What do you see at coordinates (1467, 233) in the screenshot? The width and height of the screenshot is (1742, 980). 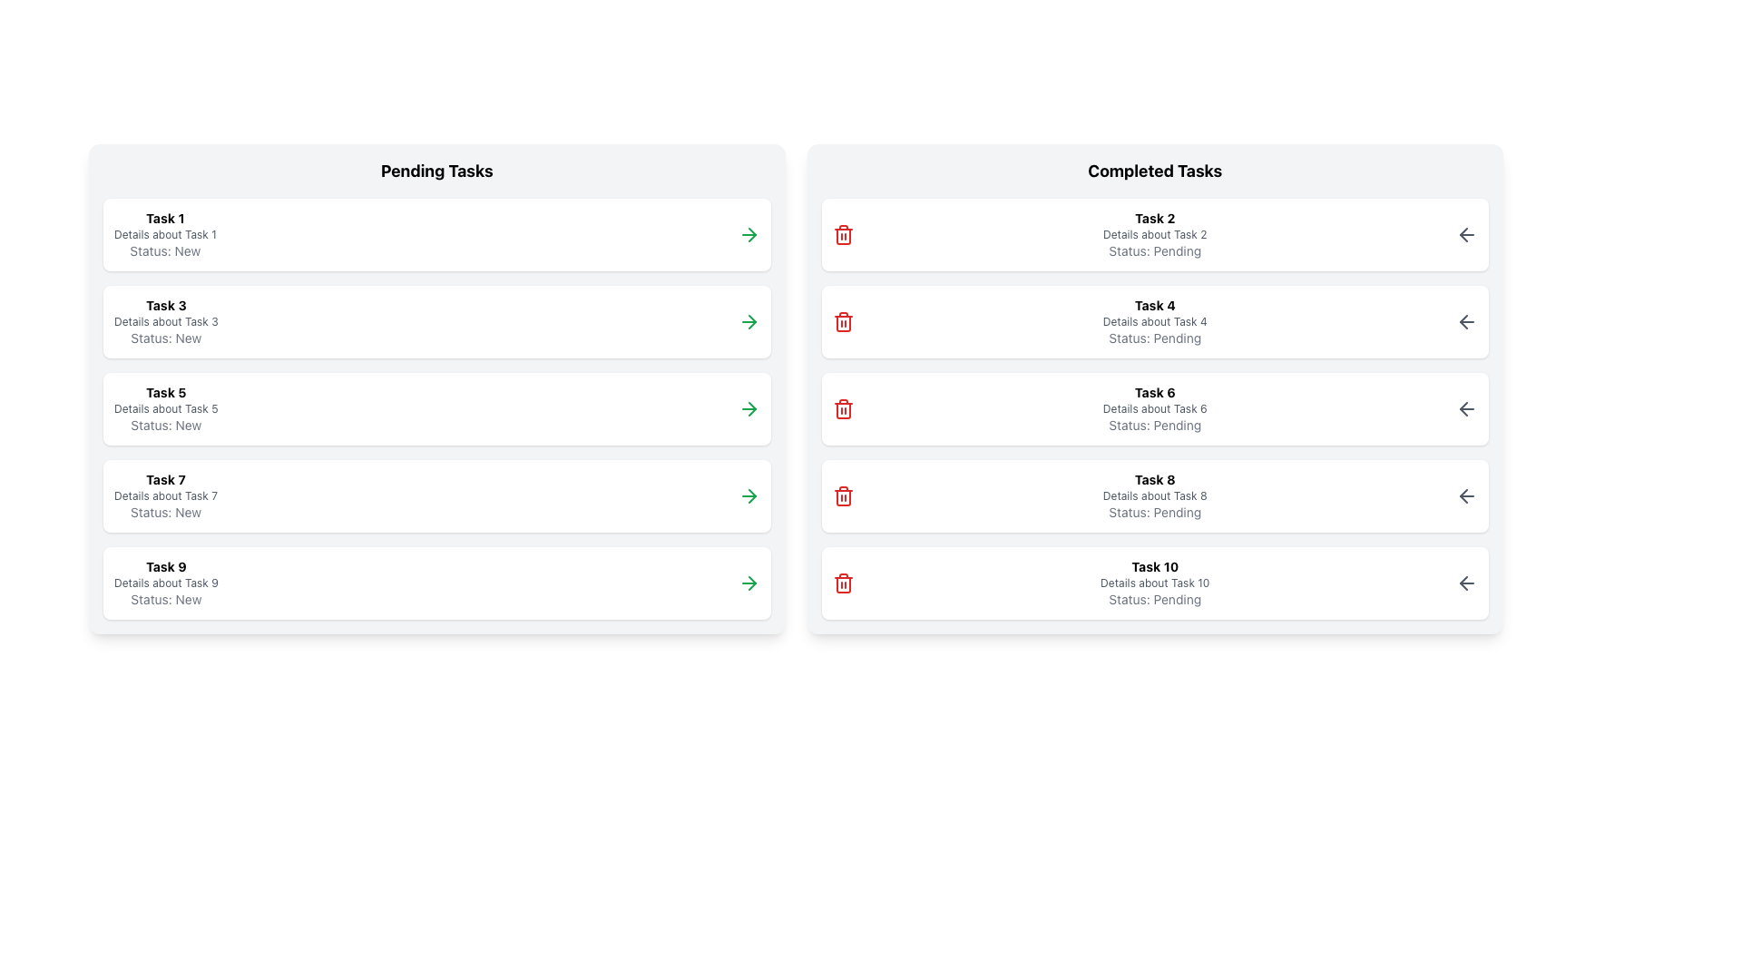 I see `the navigational arrow icon located on the rightmost side of the topmost task card in the 'Completed Tasks' column to invoke its action` at bounding box center [1467, 233].